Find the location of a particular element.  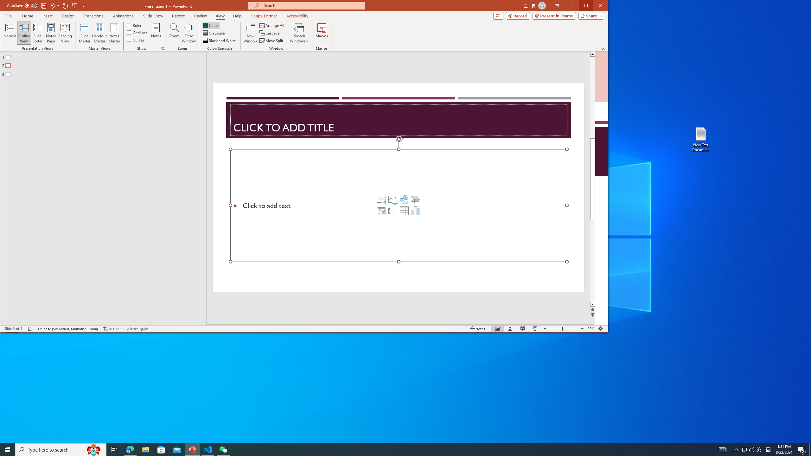

'Notes' is located at coordinates (156, 33).